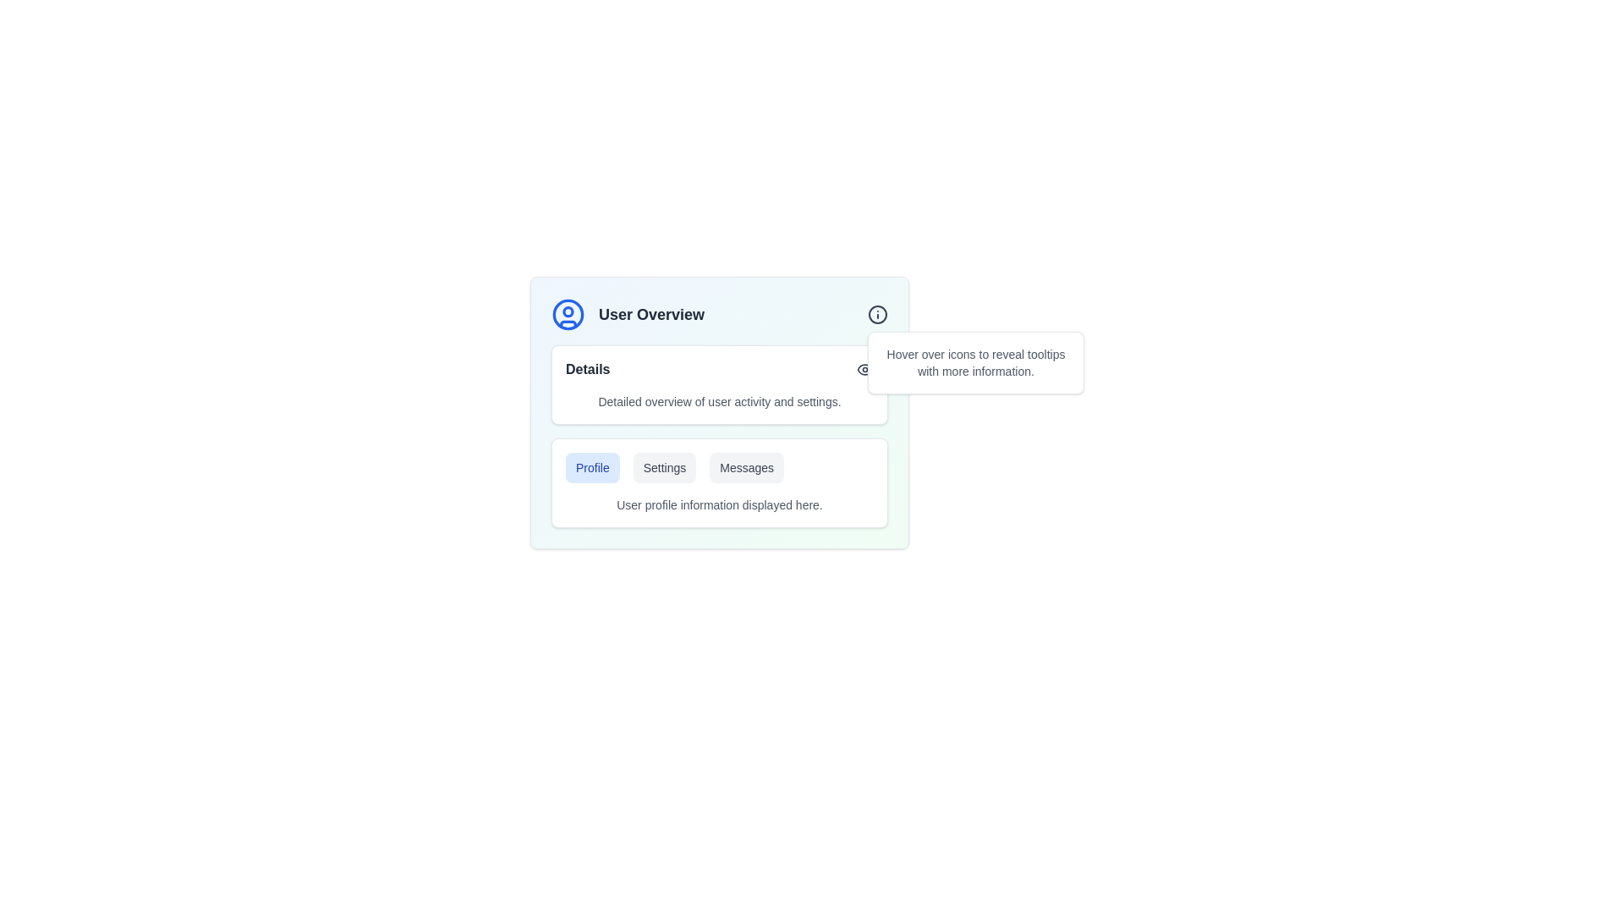 This screenshot has height=914, width=1624. What do you see at coordinates (746, 467) in the screenshot?
I see `the 'Messages' button, which is located in the lower right quadrant of the interface, following the 'Profile' and 'Settings' buttons` at bounding box center [746, 467].